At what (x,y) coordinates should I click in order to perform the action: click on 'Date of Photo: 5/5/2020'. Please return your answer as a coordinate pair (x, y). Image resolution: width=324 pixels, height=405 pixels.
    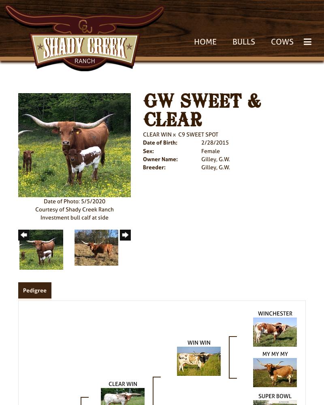
    Looking at the image, I should click on (74, 200).